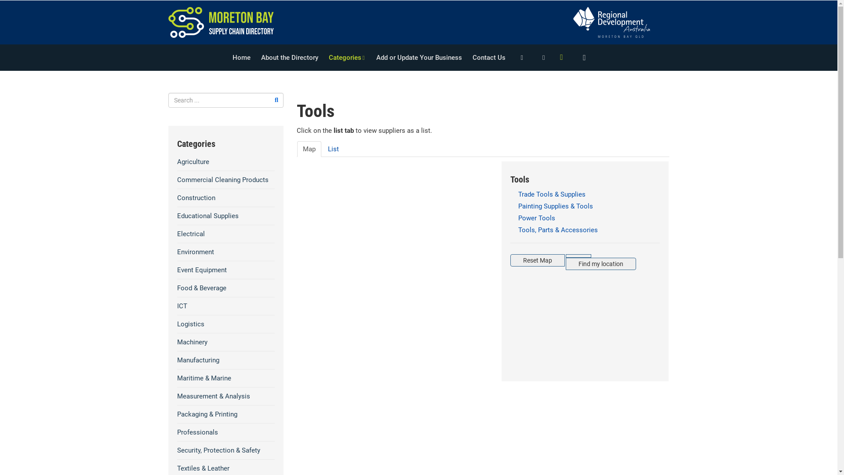  What do you see at coordinates (176, 432) in the screenshot?
I see `'Professionals'` at bounding box center [176, 432].